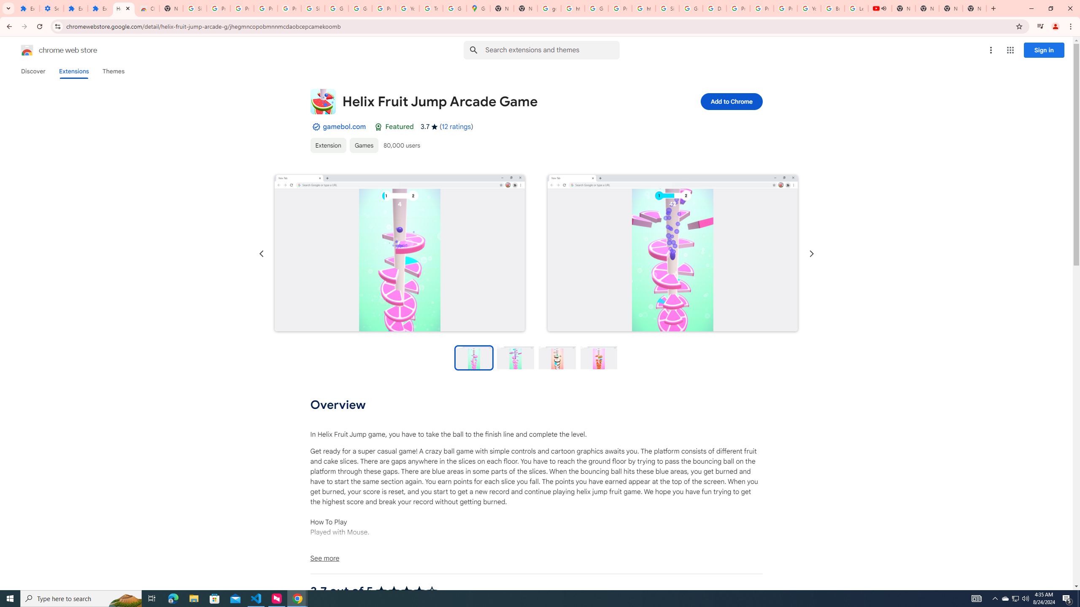 Image resolution: width=1080 pixels, height=607 pixels. I want to click on 'Games', so click(363, 145).